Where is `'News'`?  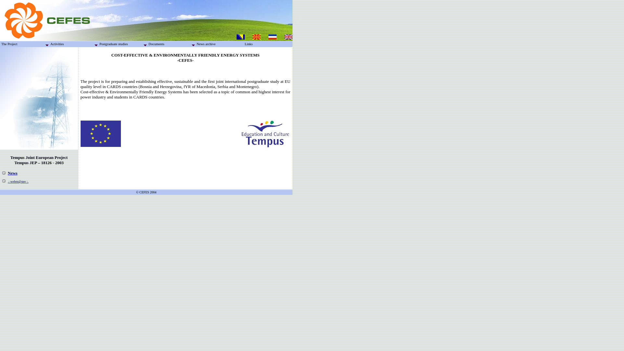 'News' is located at coordinates (12, 173).